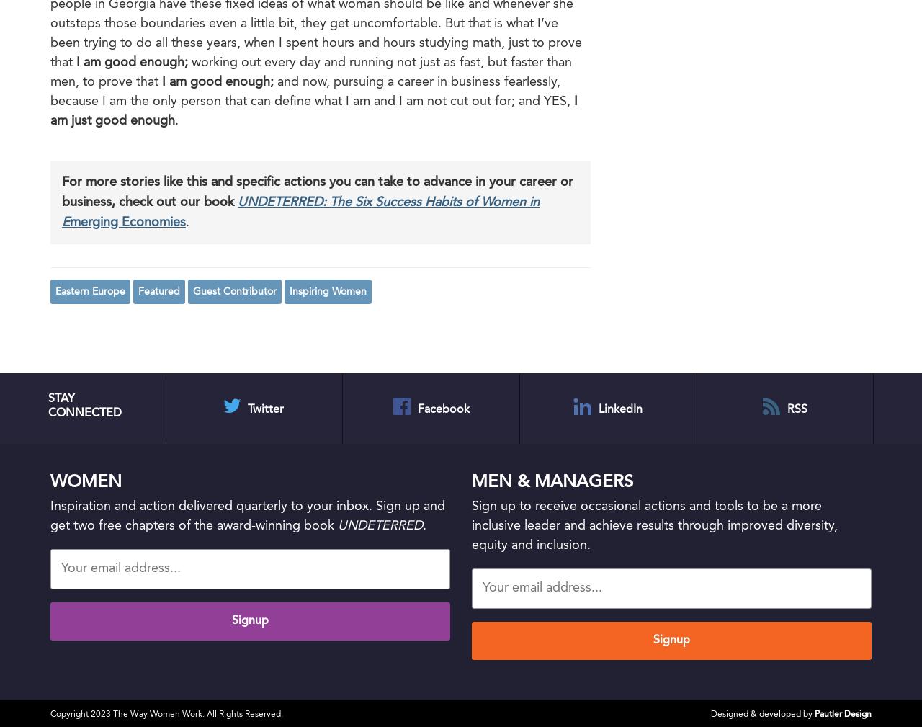 The image size is (922, 727). Describe the element at coordinates (442, 409) in the screenshot. I see `'Facebook'` at that location.